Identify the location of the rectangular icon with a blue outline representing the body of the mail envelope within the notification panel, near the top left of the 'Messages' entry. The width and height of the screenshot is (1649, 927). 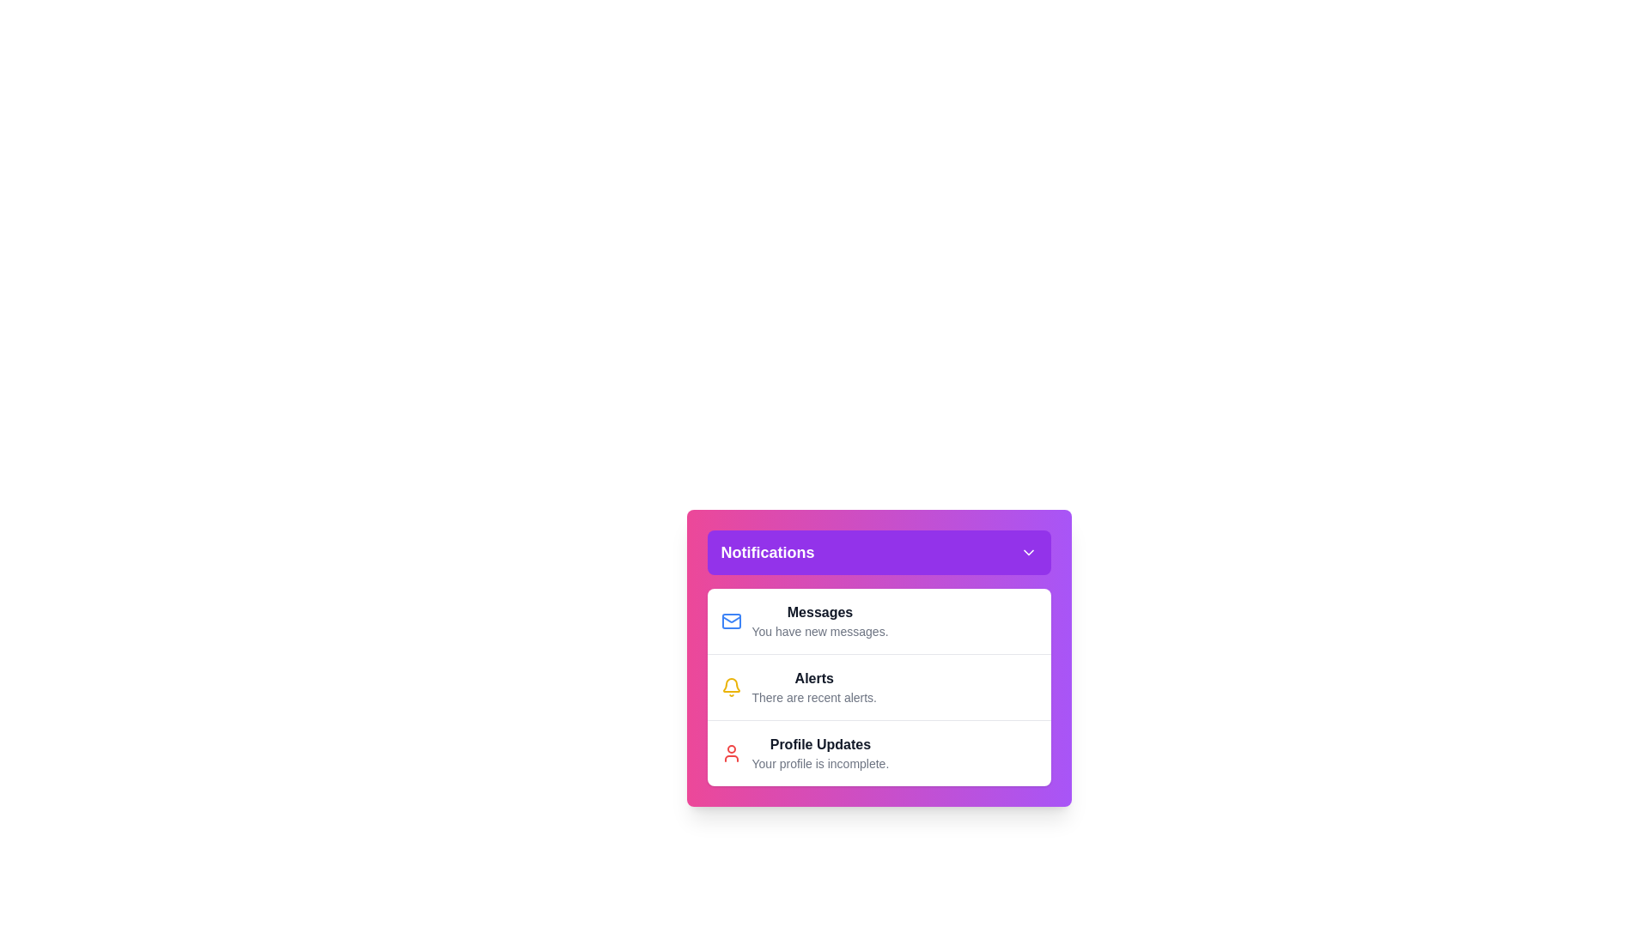
(731, 621).